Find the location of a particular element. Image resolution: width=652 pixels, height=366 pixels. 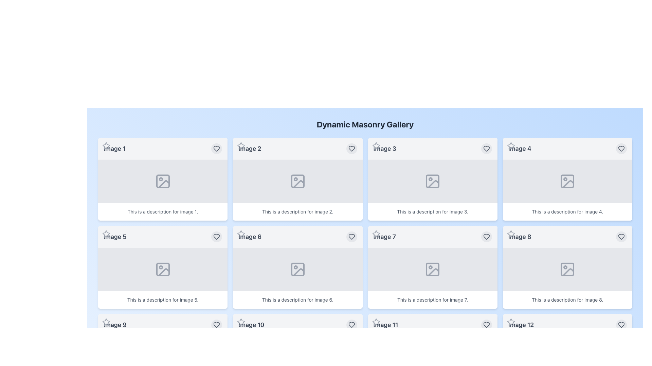

the hollow star-shaped icon located in the top-left corner of the card labeled 'Image 6', inside the second row and third column of the grid layout, to favorite it is located at coordinates (241, 233).